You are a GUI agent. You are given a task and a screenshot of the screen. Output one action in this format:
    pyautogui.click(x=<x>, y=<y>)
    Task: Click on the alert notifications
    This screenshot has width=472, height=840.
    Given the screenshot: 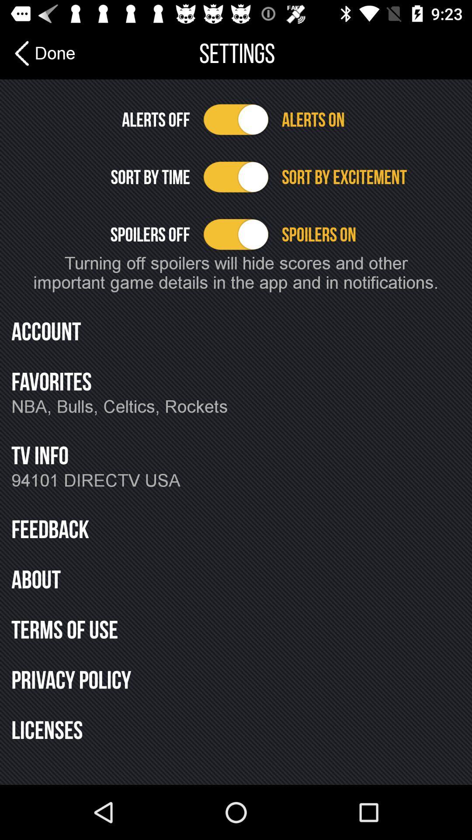 What is the action you would take?
    pyautogui.click(x=236, y=119)
    